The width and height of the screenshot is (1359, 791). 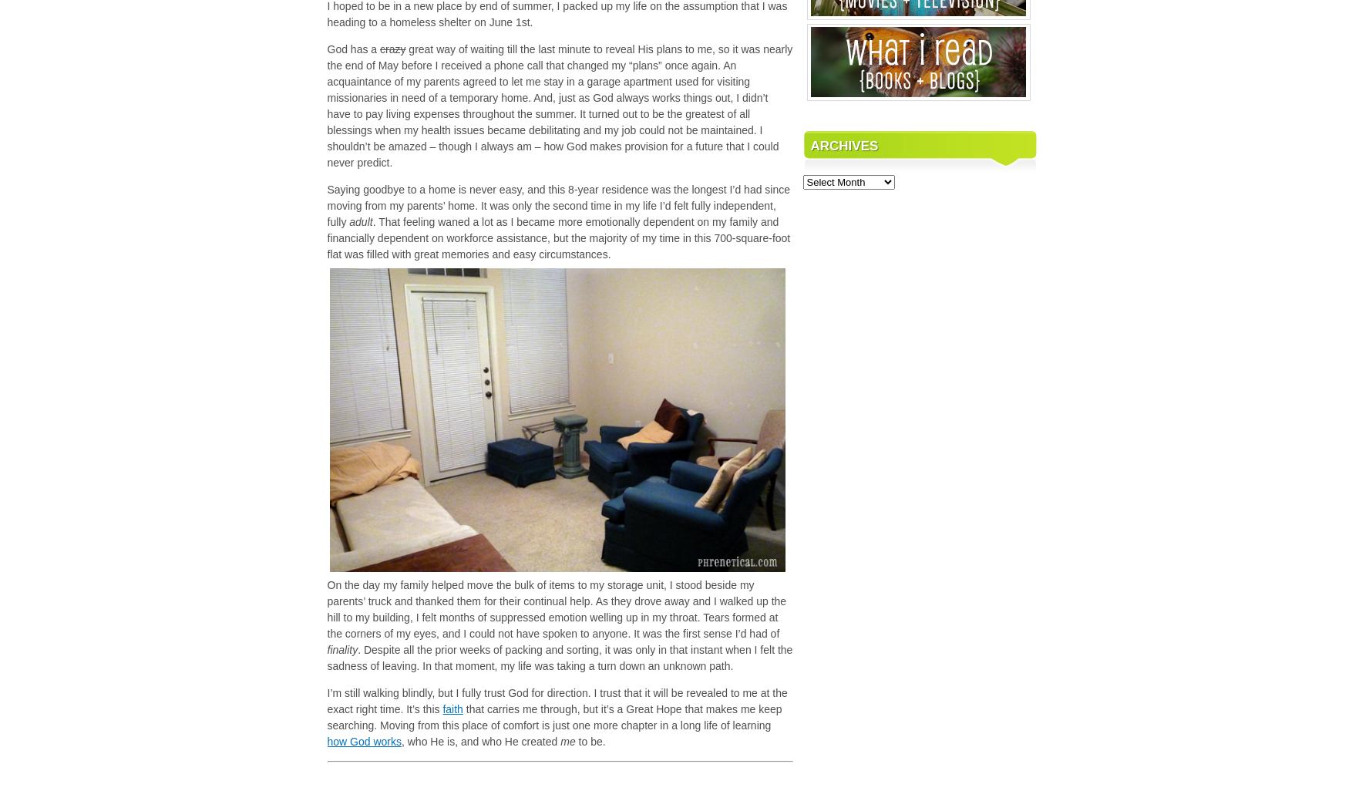 What do you see at coordinates (327, 717) in the screenshot?
I see `'that carries me through, but it’s a Great Hope that makes me keep searching. Moving from this place of comfort is just one more chapter in a long life of learning'` at bounding box center [327, 717].